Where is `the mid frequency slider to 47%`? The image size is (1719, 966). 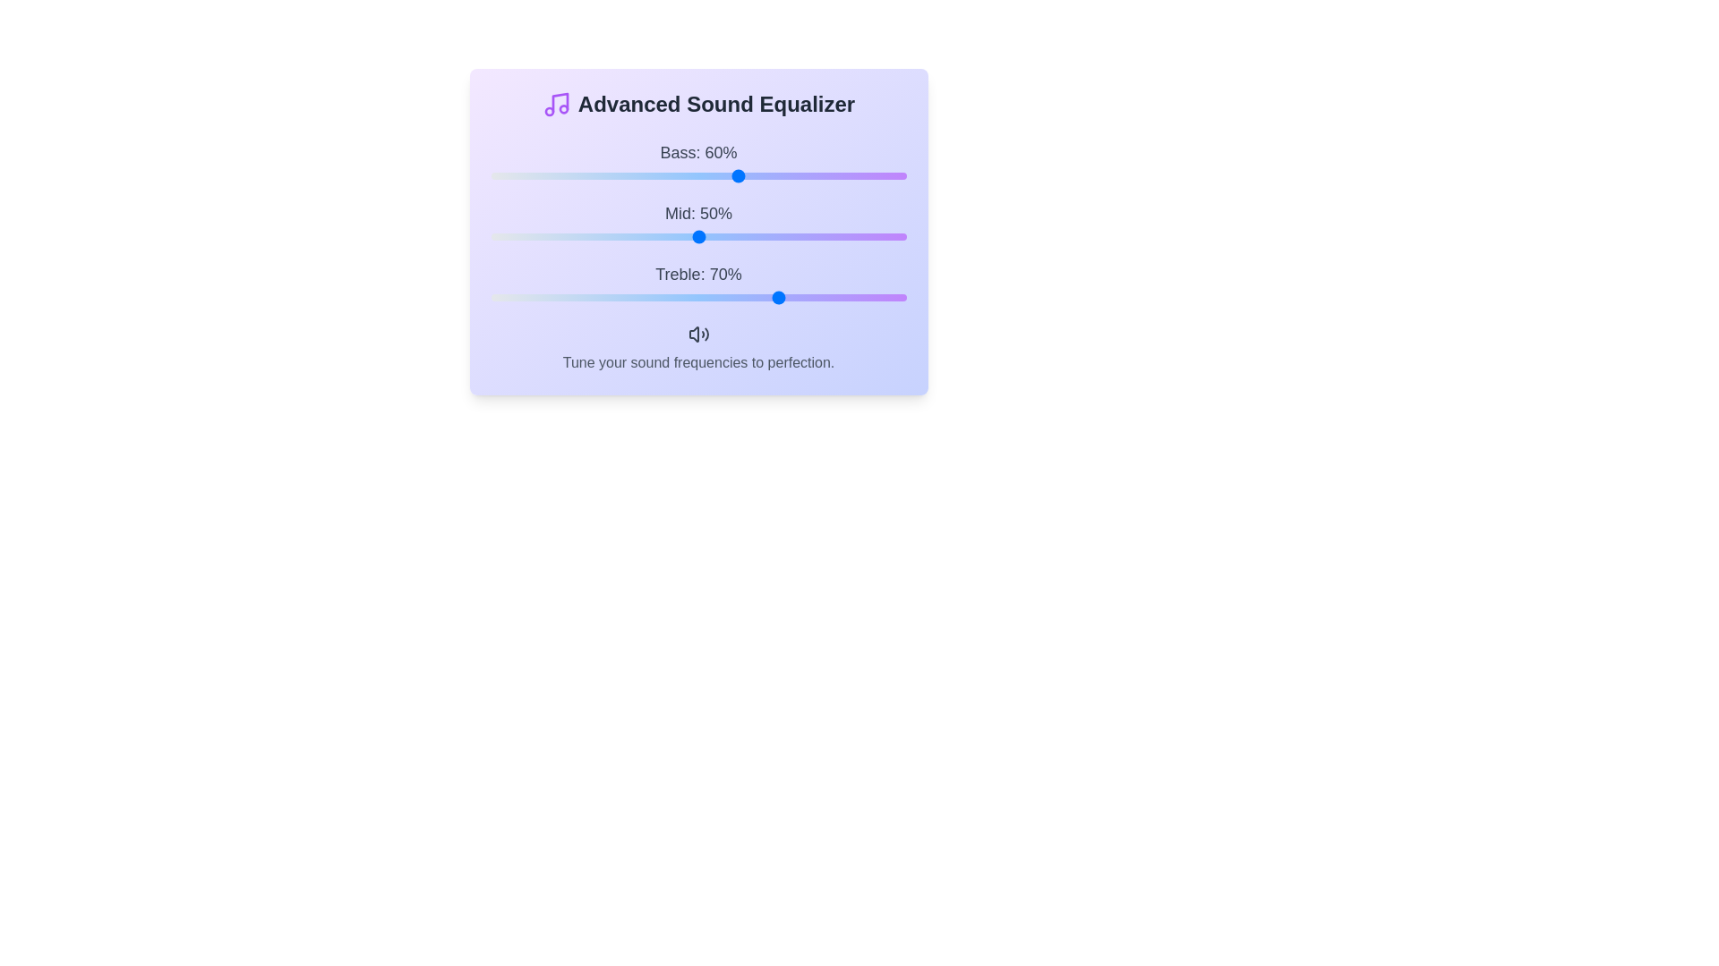 the mid frequency slider to 47% is located at coordinates (685, 236).